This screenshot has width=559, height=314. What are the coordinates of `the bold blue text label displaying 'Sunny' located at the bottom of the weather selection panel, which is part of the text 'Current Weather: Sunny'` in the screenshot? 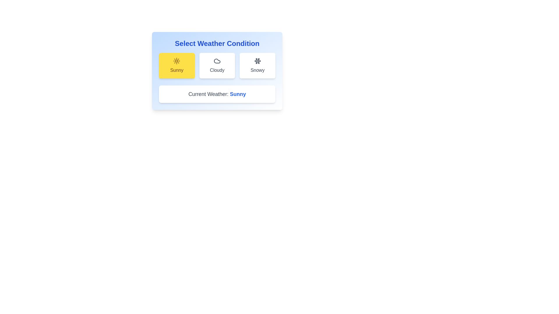 It's located at (238, 94).